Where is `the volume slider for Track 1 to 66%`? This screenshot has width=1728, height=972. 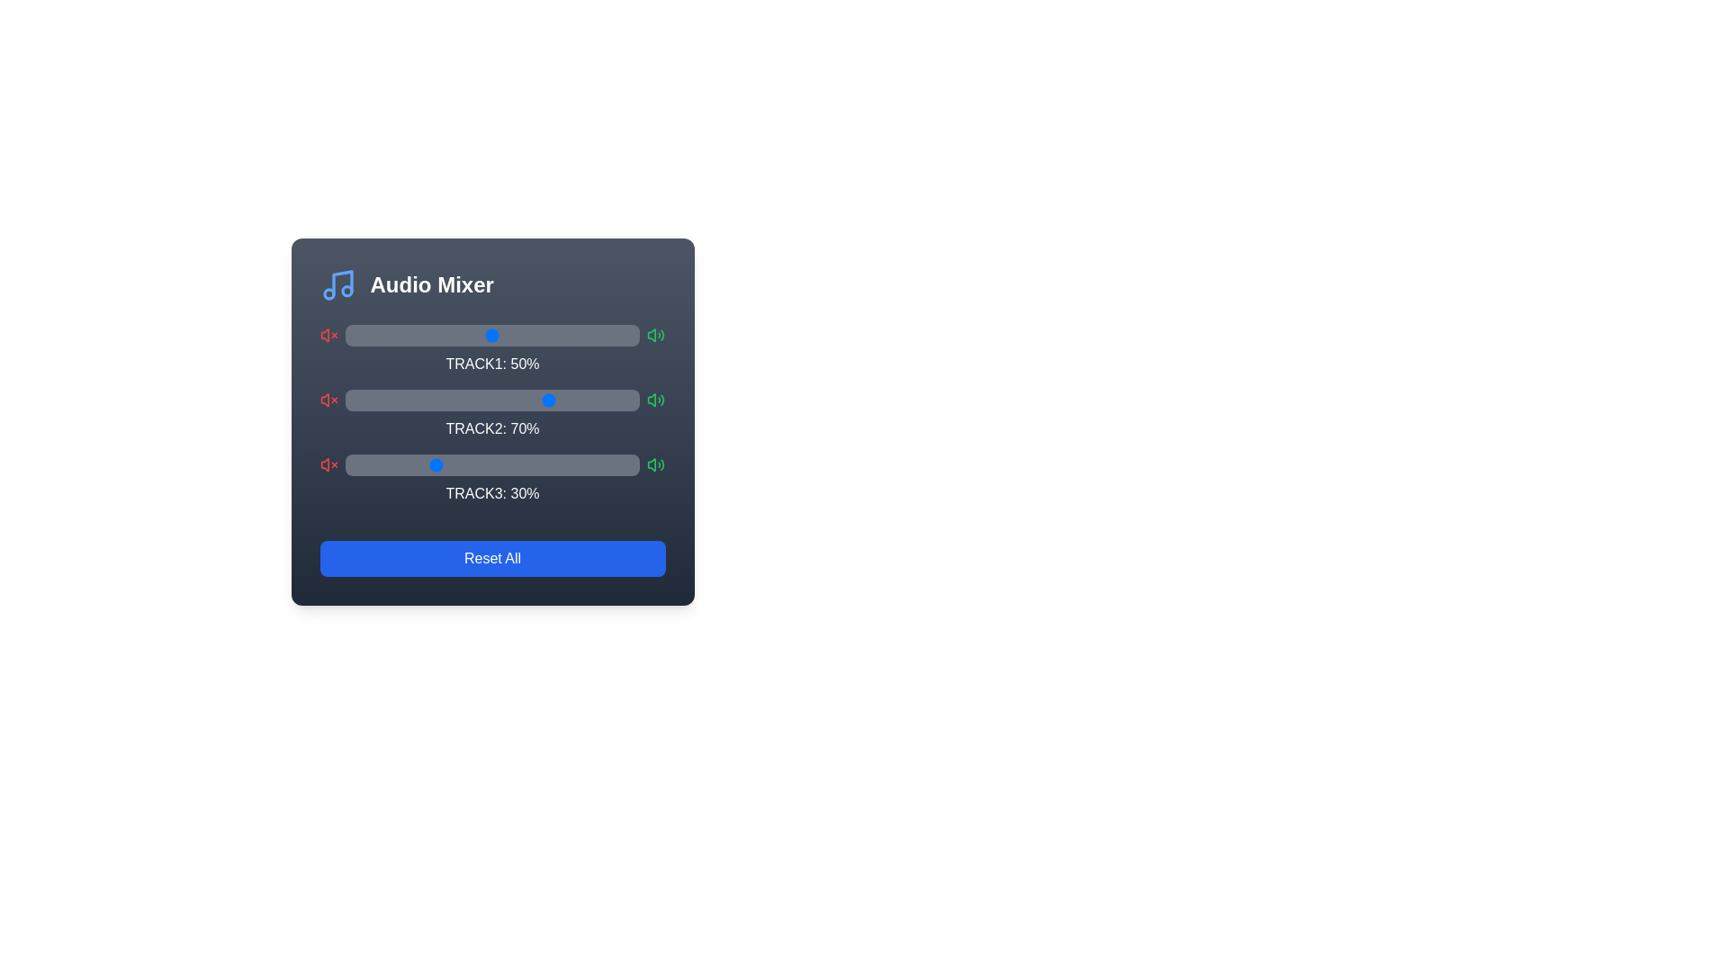 the volume slider for Track 1 to 66% is located at coordinates (538, 336).